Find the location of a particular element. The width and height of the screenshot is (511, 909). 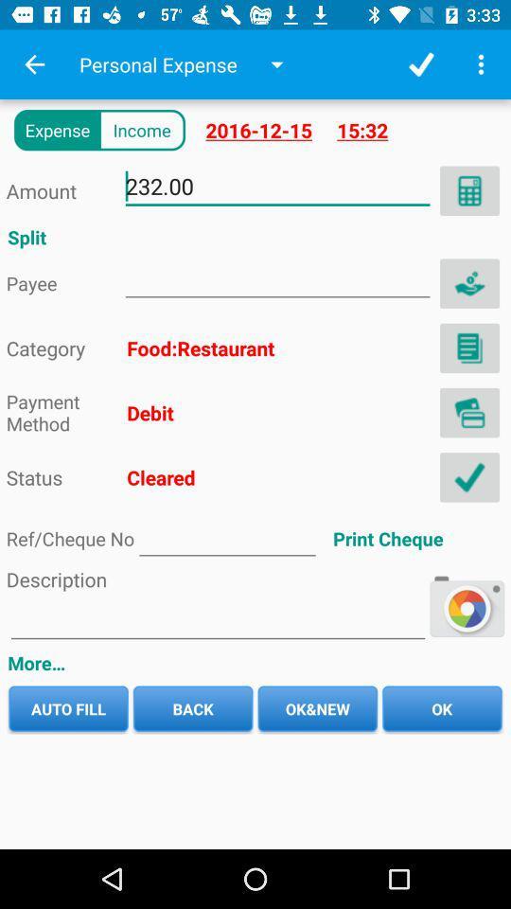

calculate is located at coordinates (468, 190).